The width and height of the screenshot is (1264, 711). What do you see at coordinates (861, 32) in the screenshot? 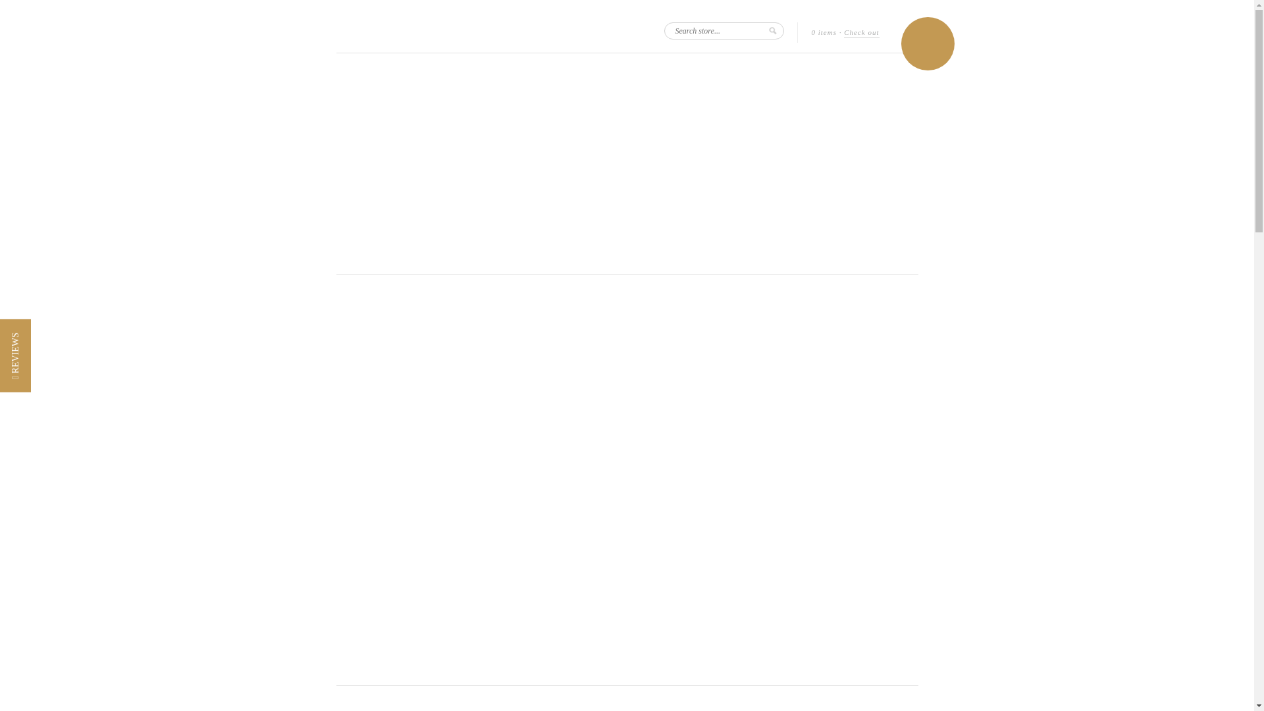
I see `'Check out'` at bounding box center [861, 32].